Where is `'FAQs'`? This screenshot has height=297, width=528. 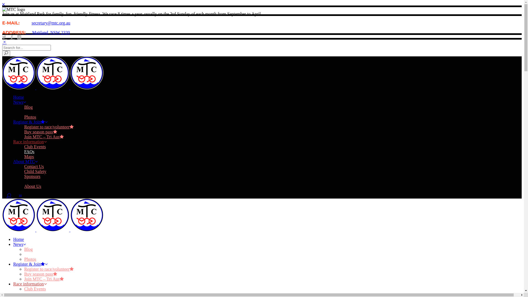 'FAQs' is located at coordinates (24, 293).